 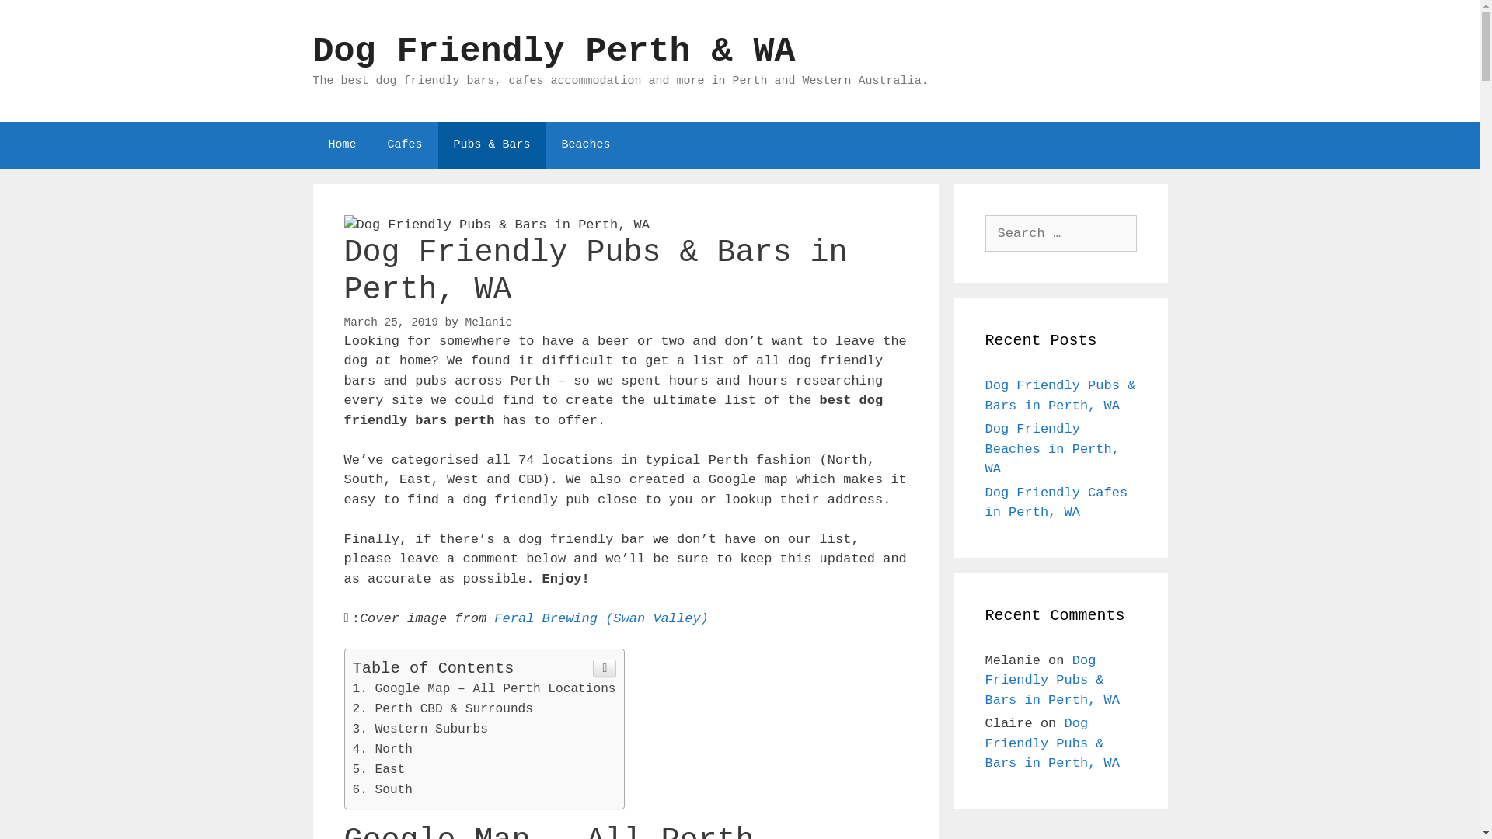 I want to click on 'Western Suburbs', so click(x=420, y=729).